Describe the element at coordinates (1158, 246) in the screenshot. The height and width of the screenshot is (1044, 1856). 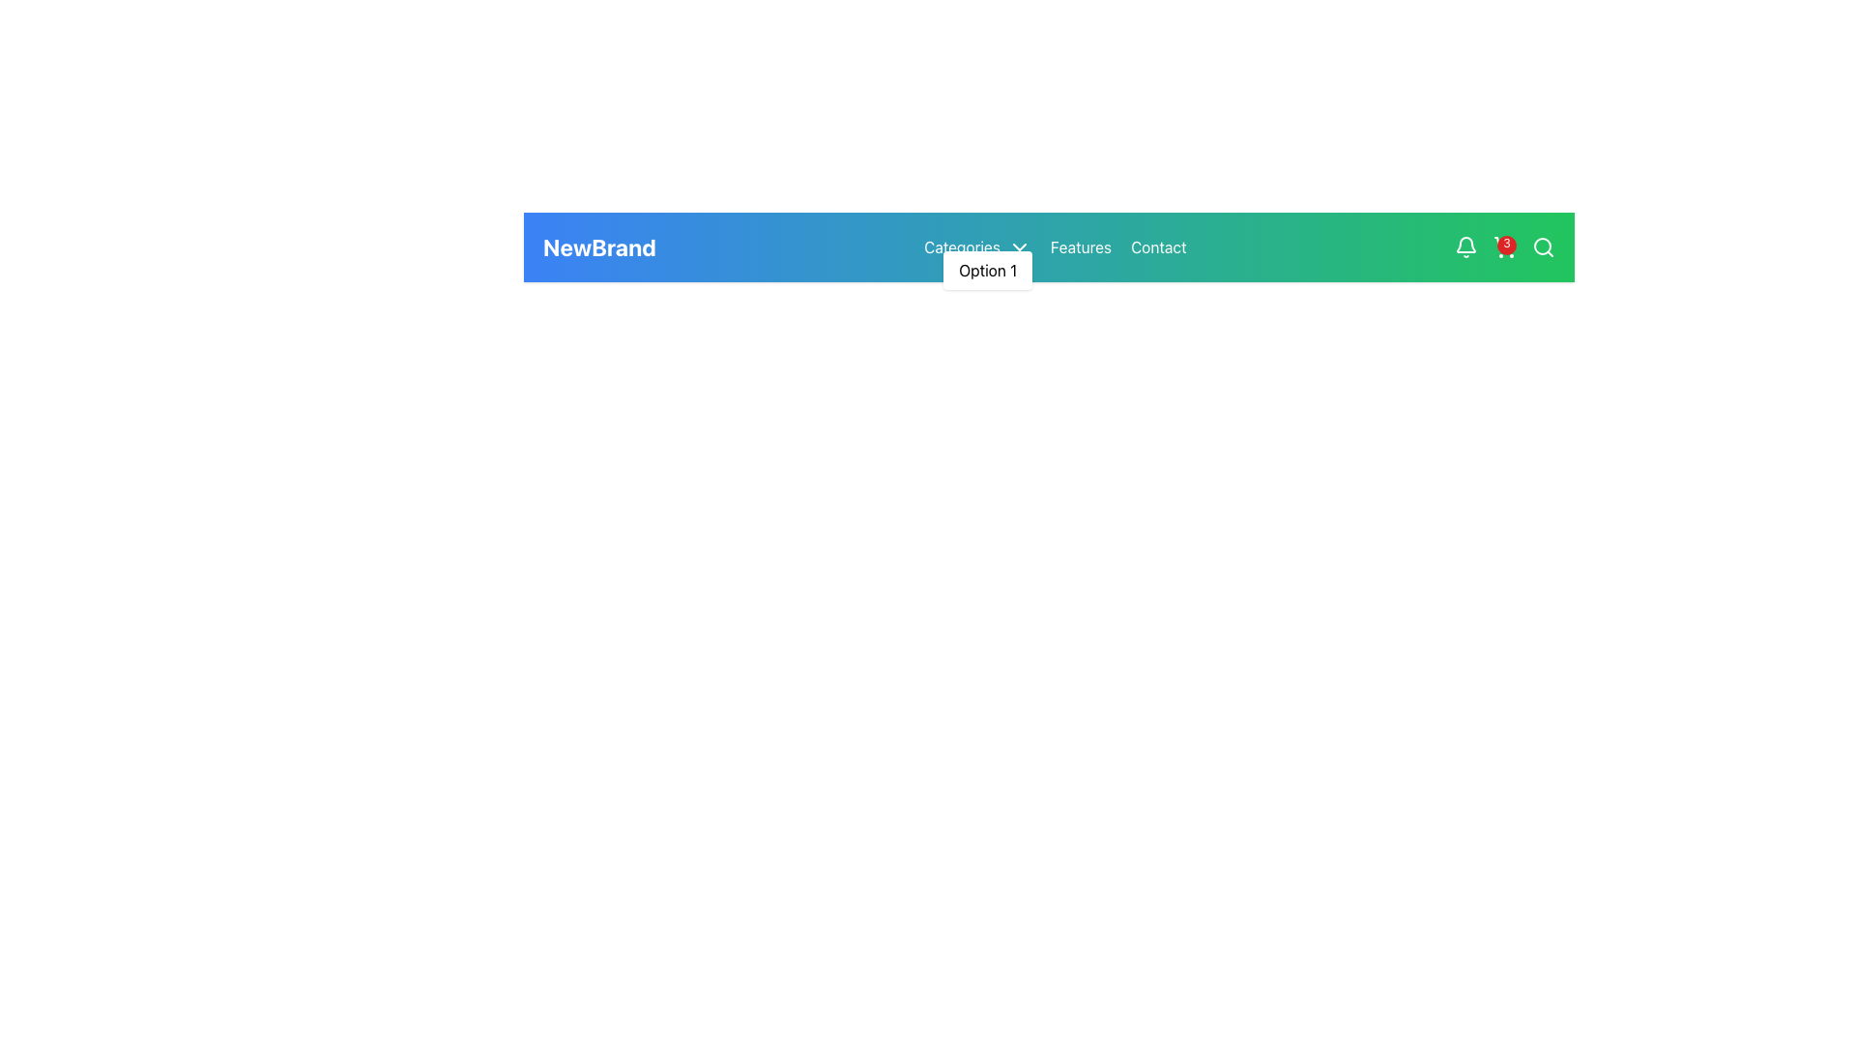
I see `the 'Contact' link in the top-right portion of the navigation bar to underline the text` at that location.